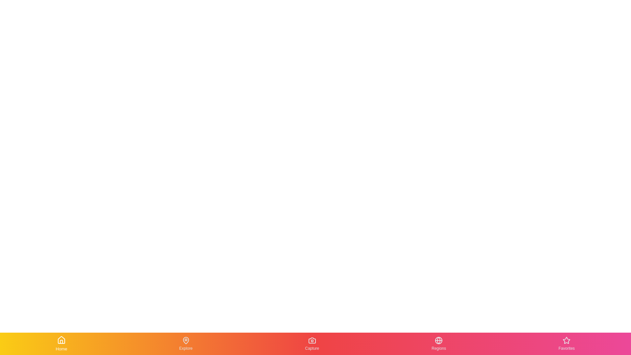 The image size is (631, 355). Describe the element at coordinates (186, 343) in the screenshot. I see `the tab labeled Explore to preview its tooltip` at that location.